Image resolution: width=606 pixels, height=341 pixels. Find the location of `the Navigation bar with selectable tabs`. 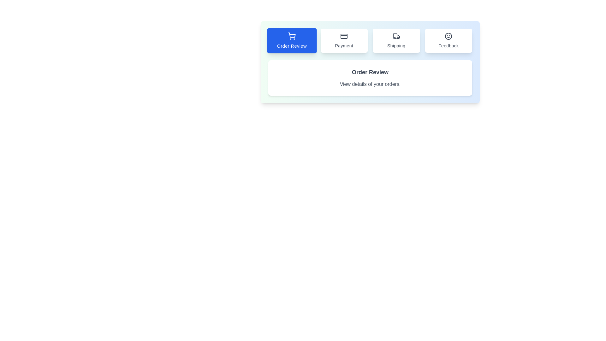

the Navigation bar with selectable tabs is located at coordinates (370, 40).